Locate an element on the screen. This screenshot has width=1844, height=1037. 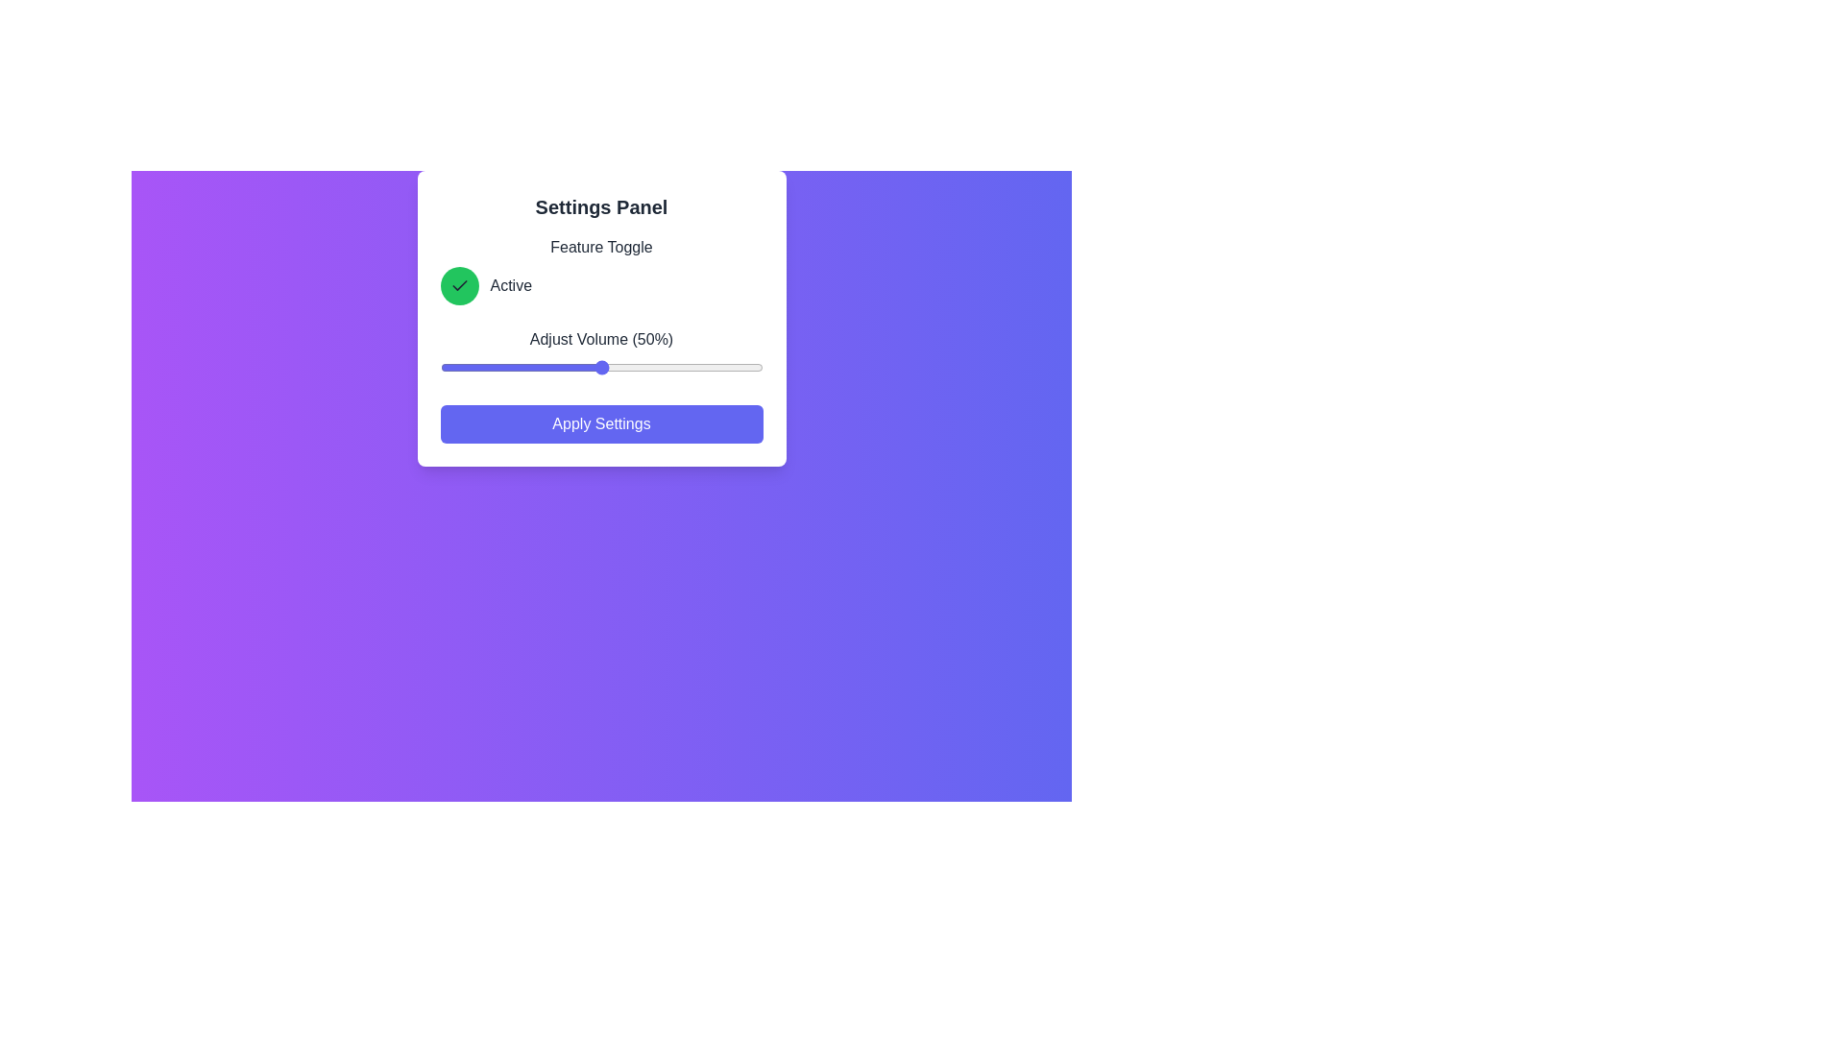
the volume is located at coordinates (449, 367).